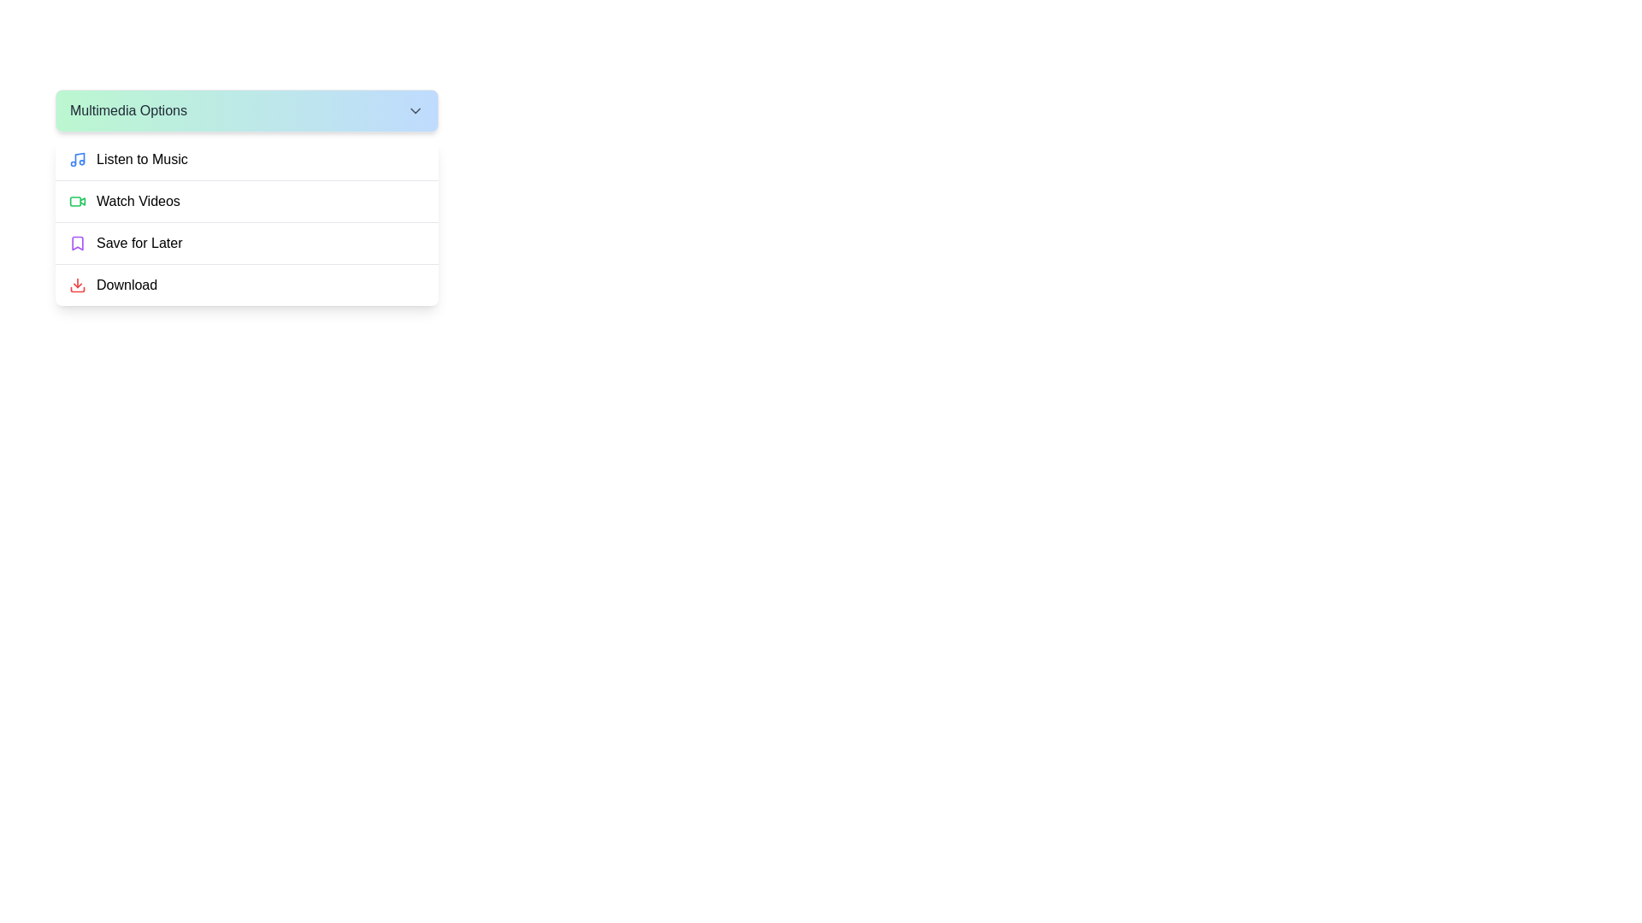 This screenshot has width=1642, height=923. Describe the element at coordinates (245, 284) in the screenshot. I see `the 'Download' button-like list item, which is the fourth item in the vertical list under 'Multimedia Options'` at that location.